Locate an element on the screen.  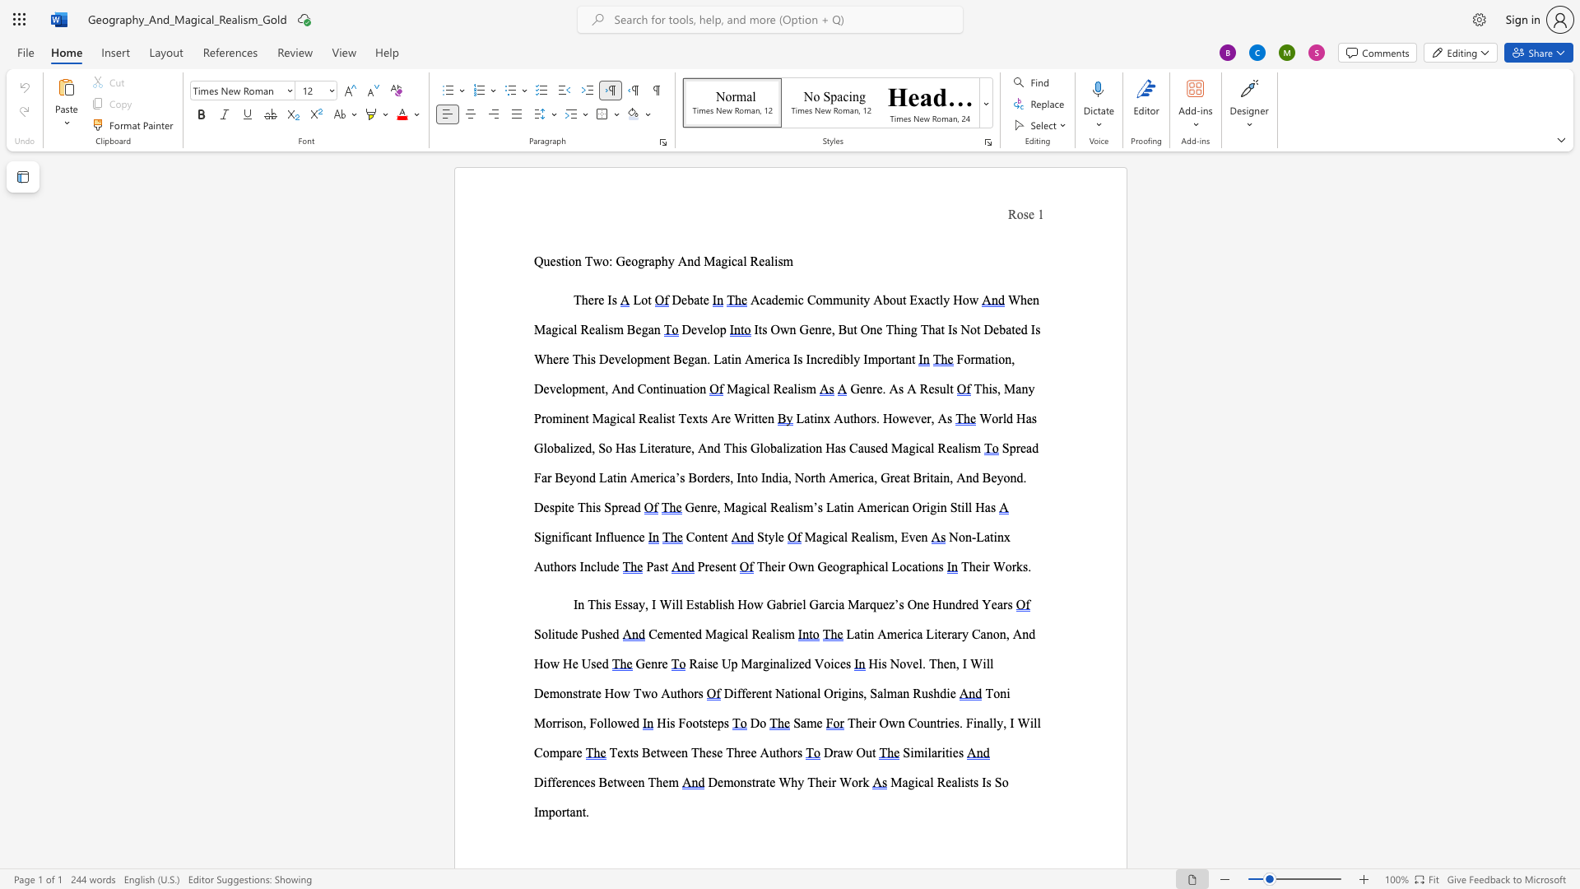
the 1th character "e" in the text is located at coordinates (546, 389).